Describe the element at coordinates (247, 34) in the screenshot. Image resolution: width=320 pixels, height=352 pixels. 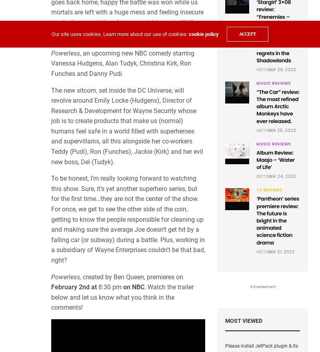
I see `'ACCEPT'` at that location.